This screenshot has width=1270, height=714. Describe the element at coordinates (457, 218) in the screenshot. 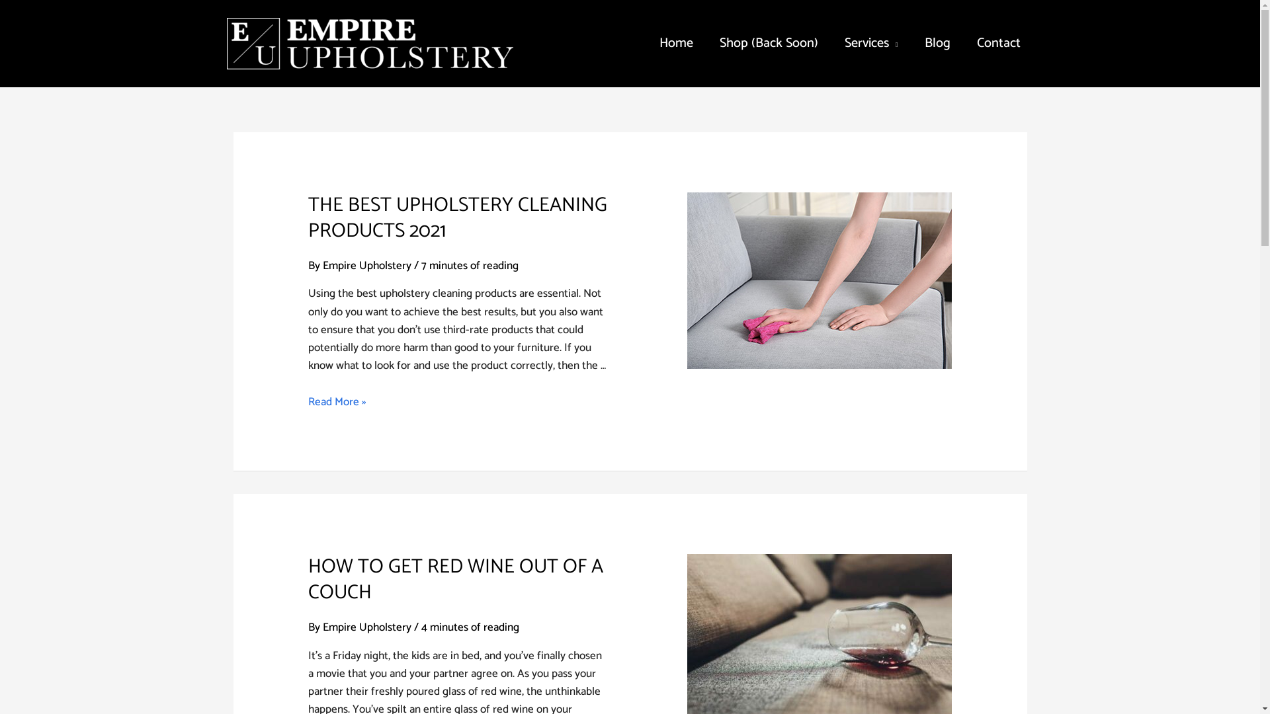

I see `'THE BEST UPHOLSTERY CLEANING PRODUCTS 2021'` at that location.